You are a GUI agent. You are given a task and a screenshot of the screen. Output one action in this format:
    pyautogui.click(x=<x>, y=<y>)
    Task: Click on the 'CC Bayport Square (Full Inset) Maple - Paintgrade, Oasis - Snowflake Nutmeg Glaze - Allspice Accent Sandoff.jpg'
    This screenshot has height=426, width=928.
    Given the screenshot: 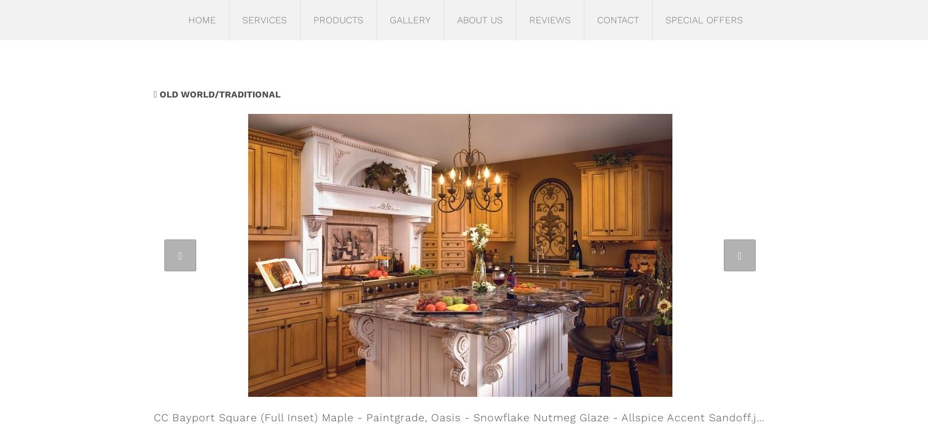 What is the action you would take?
    pyautogui.click(x=461, y=417)
    